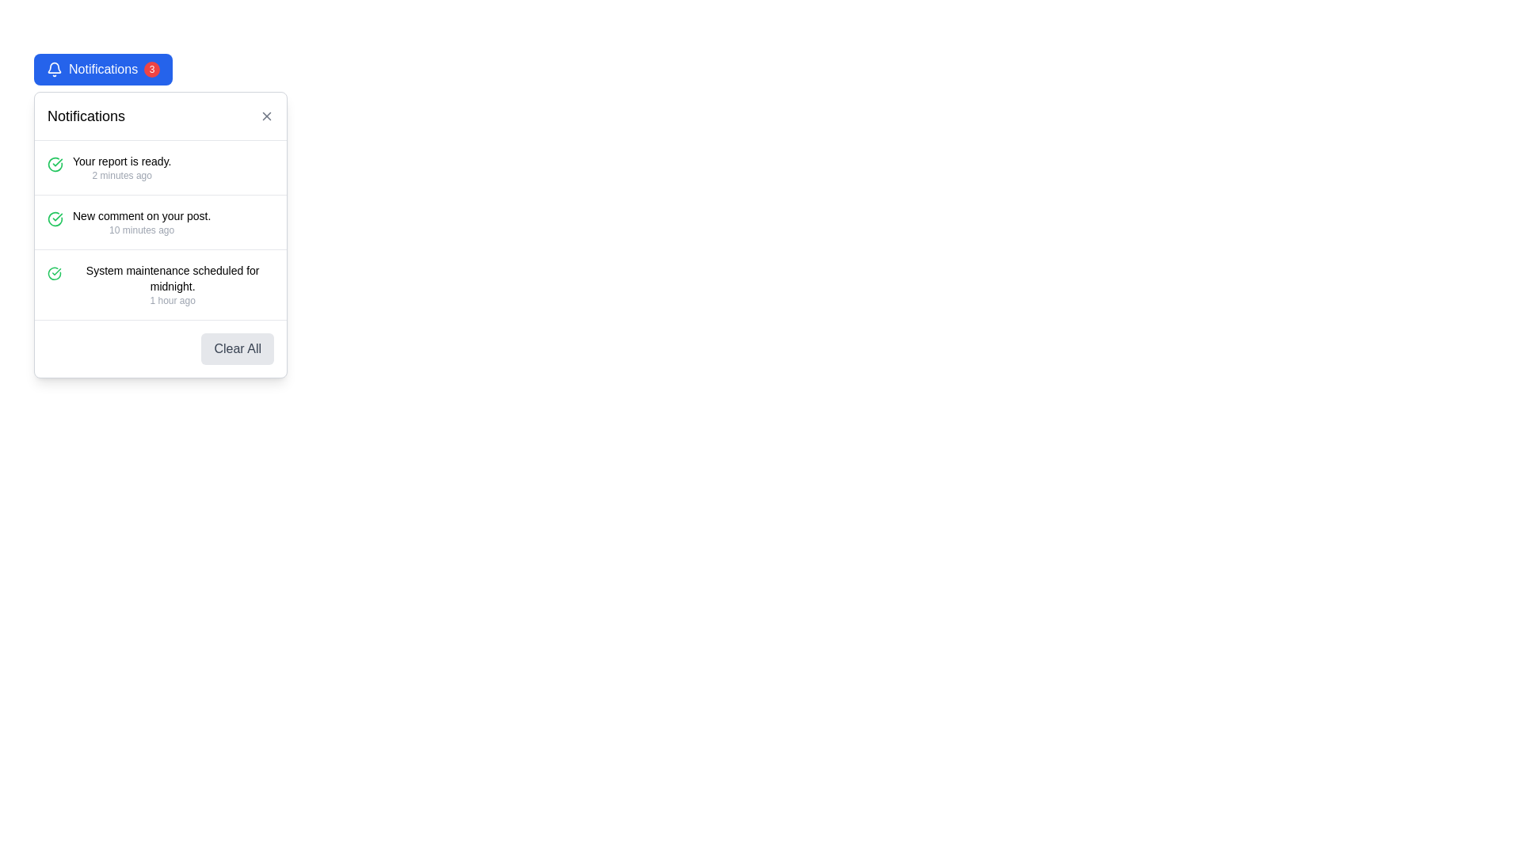 This screenshot has width=1521, height=855. Describe the element at coordinates (152, 69) in the screenshot. I see `the Badge Notification, a small circular badge with a red background and white text displaying the number '3', located at the top-right corner of the Notifications button` at that location.